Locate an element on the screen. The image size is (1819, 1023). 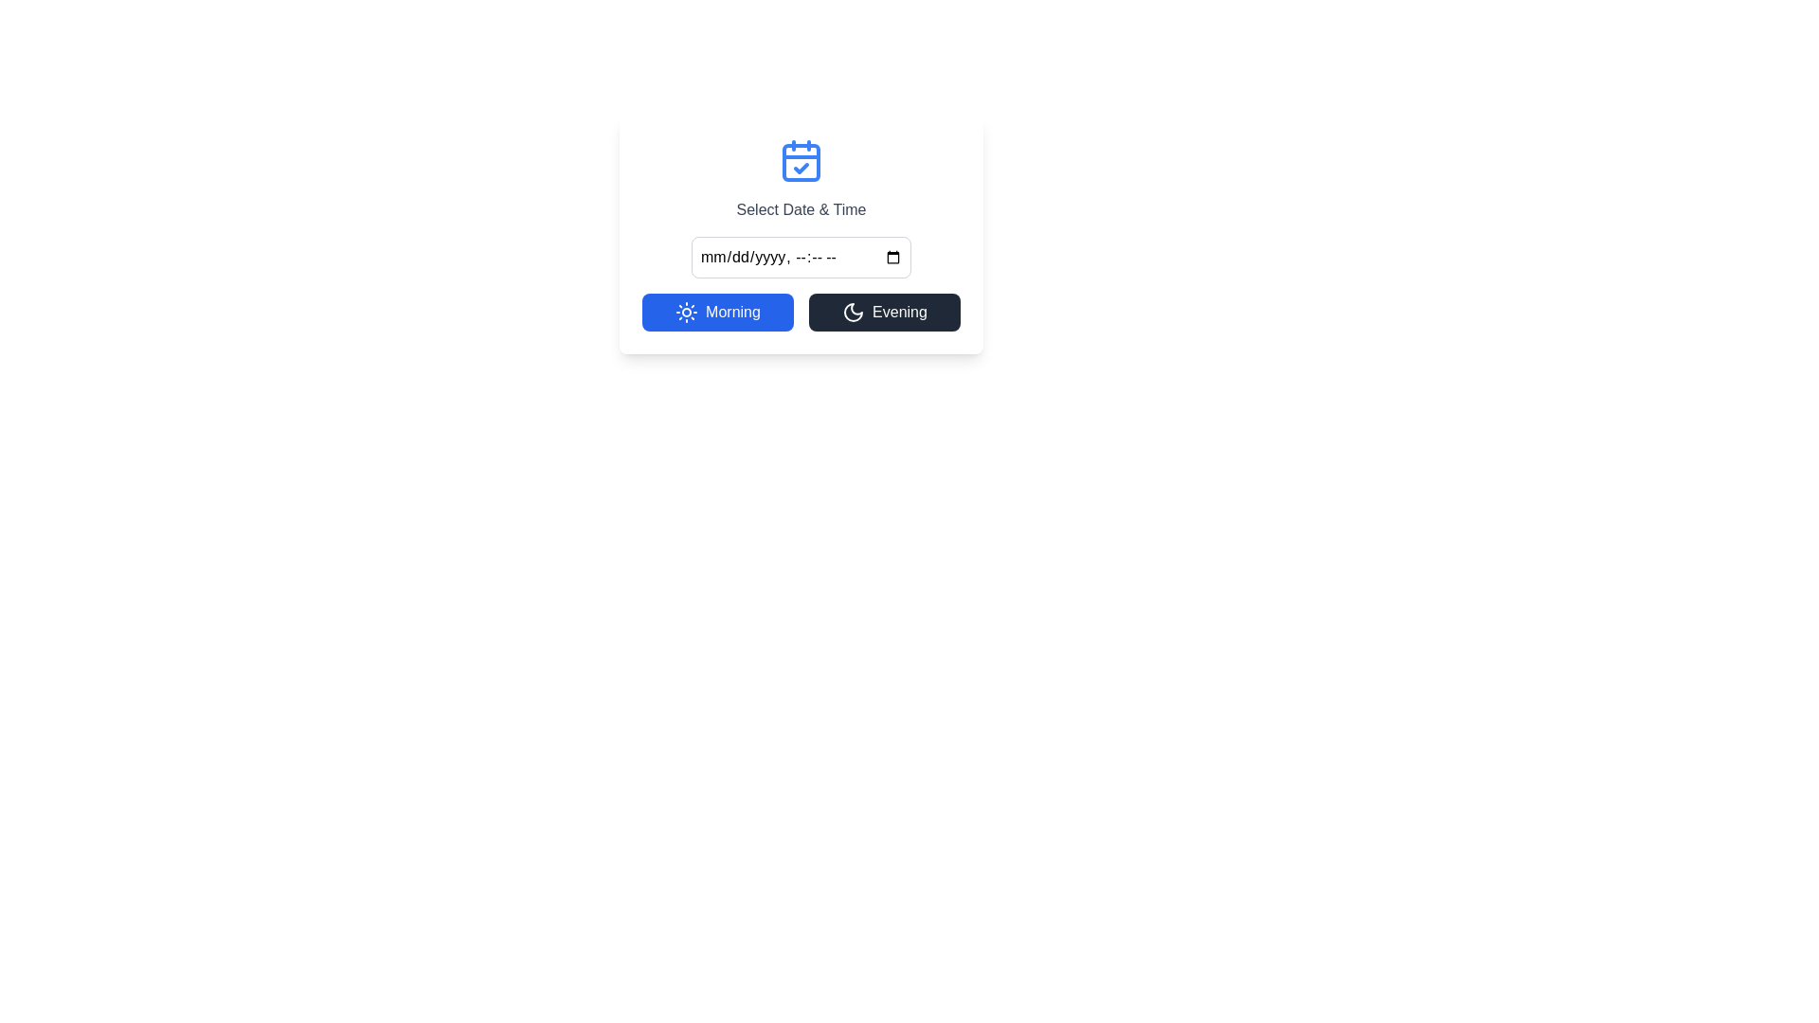
the rectangular button labeled 'Evening' with a moon icon is located at coordinates (884, 312).